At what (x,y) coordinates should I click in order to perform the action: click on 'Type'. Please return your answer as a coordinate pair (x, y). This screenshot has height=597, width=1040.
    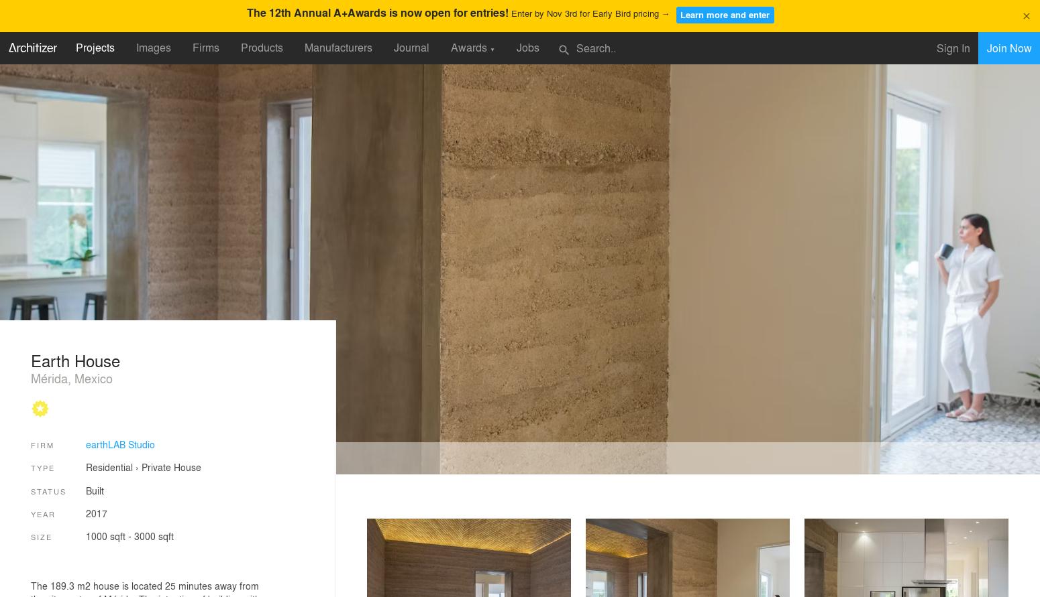
    Looking at the image, I should click on (42, 467).